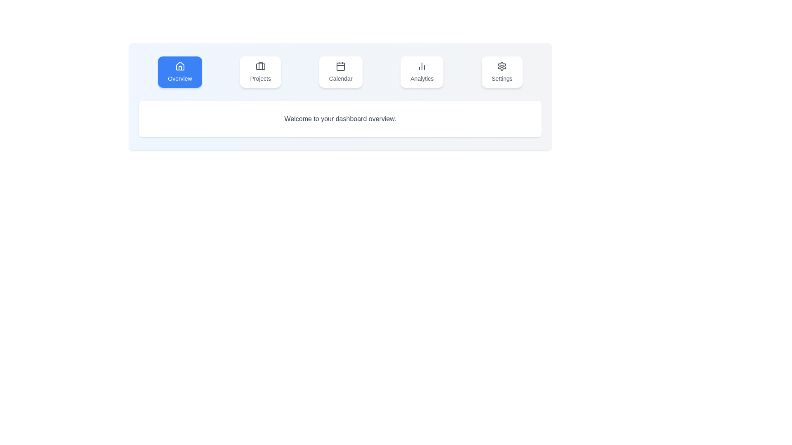  Describe the element at coordinates (179, 79) in the screenshot. I see `text label displaying 'Overview' in white on a blue background, which is centrally located below a house-shaped icon in the navigation menu` at that location.